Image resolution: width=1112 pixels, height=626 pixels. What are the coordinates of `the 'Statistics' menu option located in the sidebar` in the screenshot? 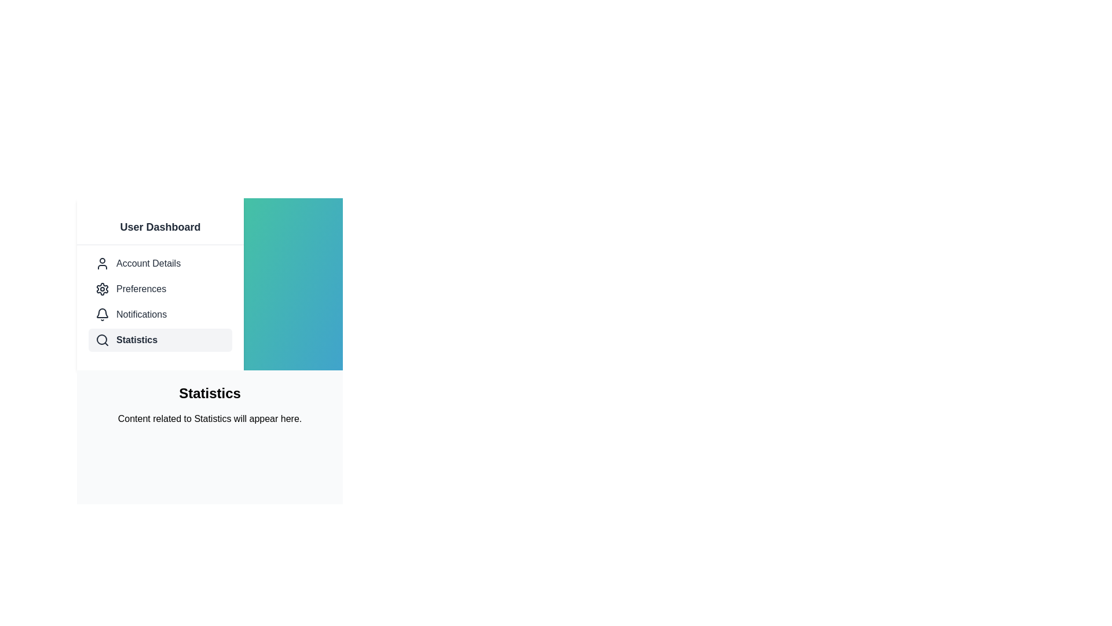 It's located at (160, 339).